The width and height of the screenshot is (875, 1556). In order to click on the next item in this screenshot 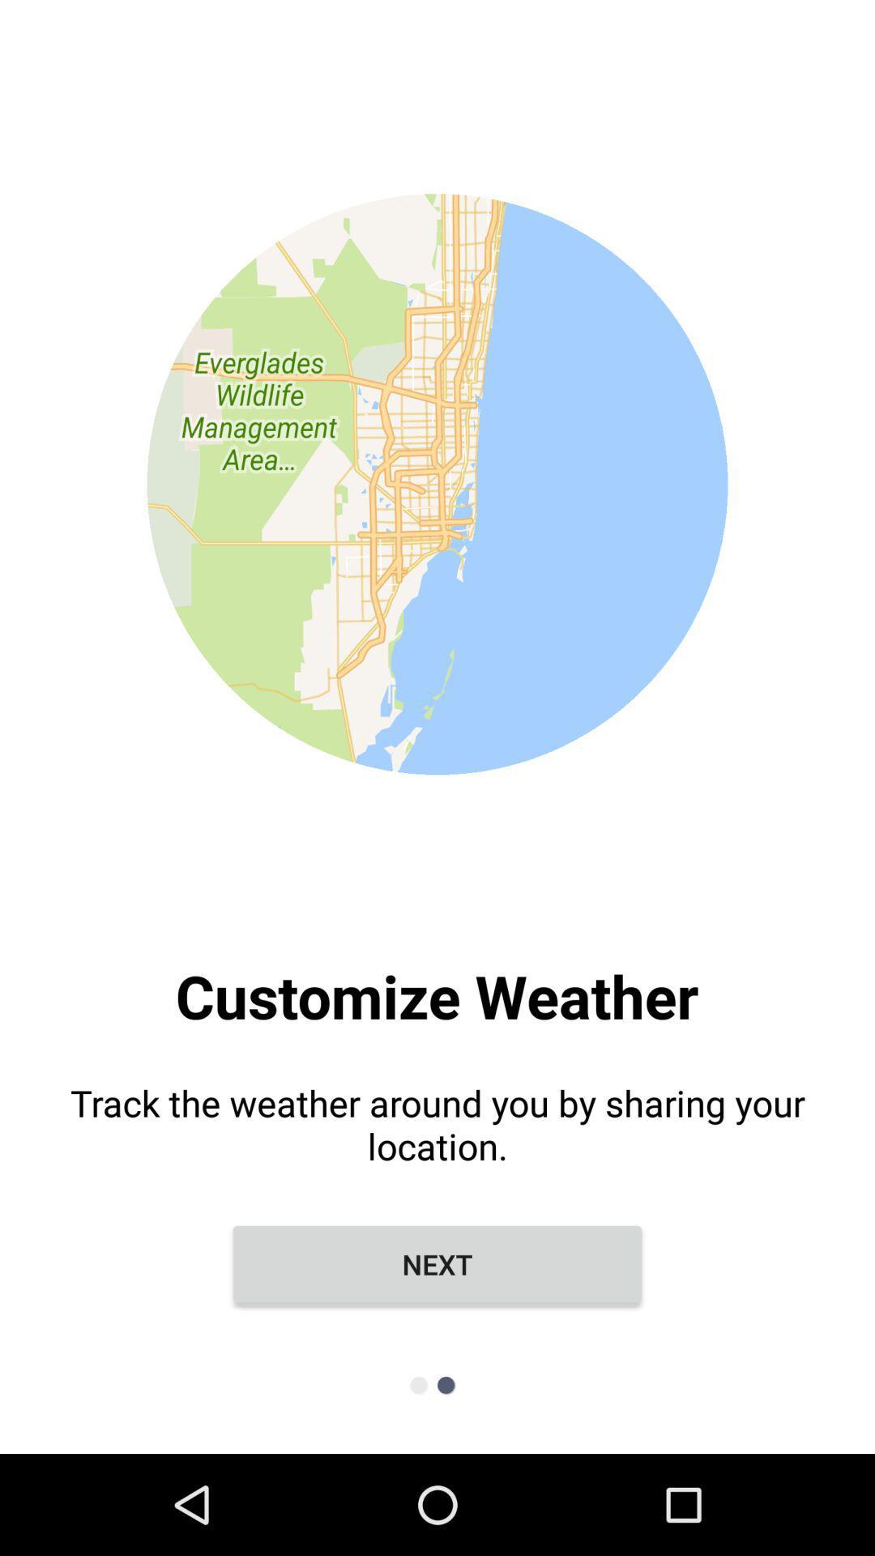, I will do `click(437, 1263)`.